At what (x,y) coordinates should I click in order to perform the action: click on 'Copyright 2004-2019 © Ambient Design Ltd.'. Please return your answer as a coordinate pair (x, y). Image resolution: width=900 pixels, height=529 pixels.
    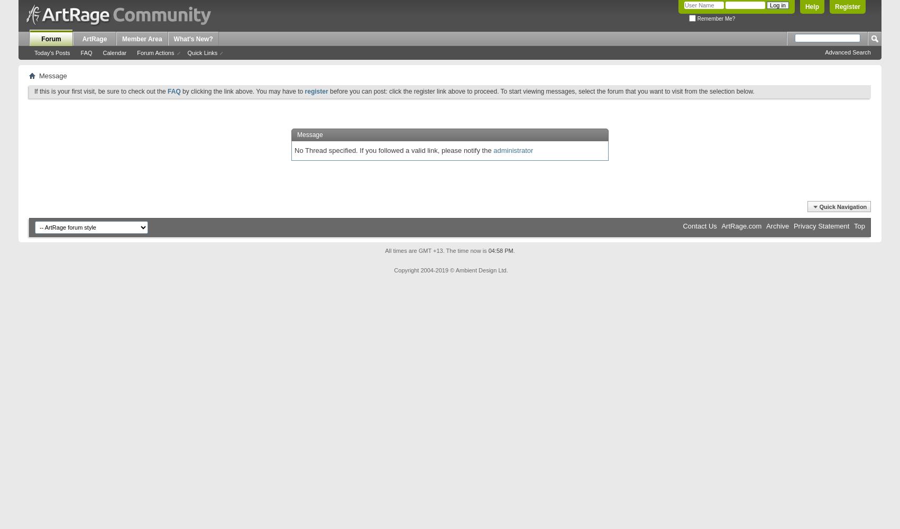
    Looking at the image, I should click on (392, 270).